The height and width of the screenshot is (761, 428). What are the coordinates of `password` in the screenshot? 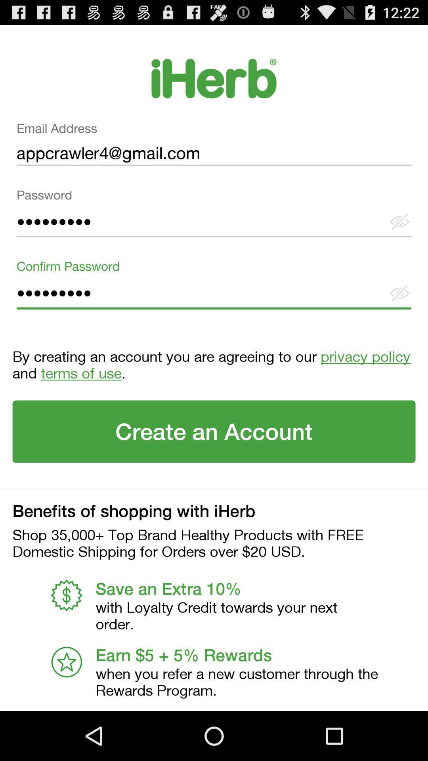 It's located at (214, 216).